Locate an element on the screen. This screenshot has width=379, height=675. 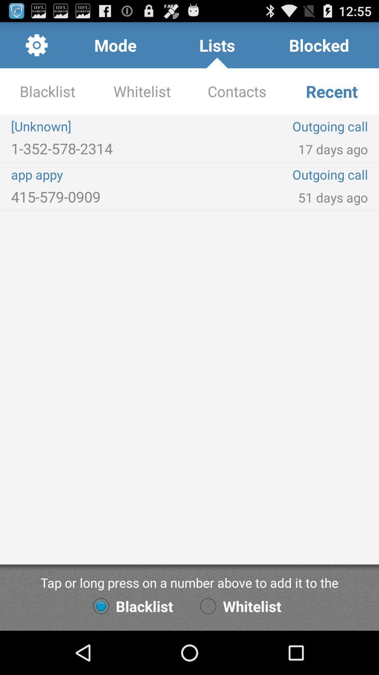
the 1 352 578 item is located at coordinates (100, 148).